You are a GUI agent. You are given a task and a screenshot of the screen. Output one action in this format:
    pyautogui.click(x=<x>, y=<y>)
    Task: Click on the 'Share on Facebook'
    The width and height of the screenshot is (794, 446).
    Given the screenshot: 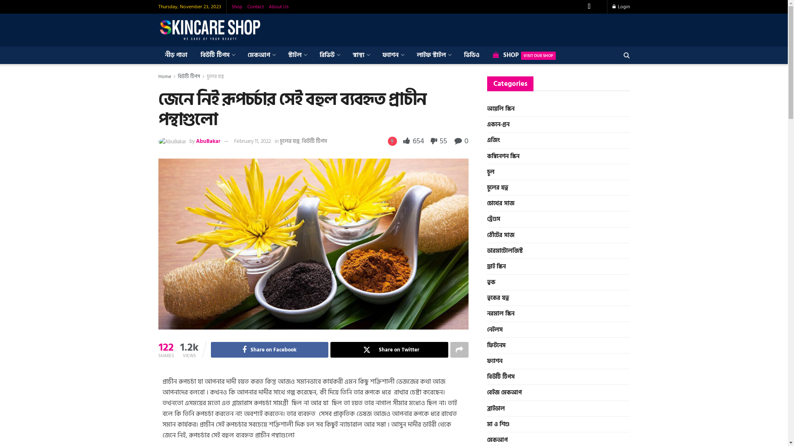 What is the action you would take?
    pyautogui.click(x=270, y=350)
    